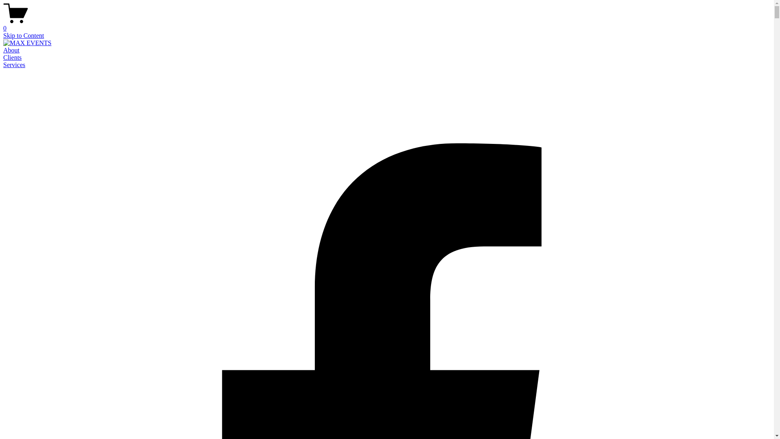 The width and height of the screenshot is (780, 439). I want to click on 'Clients', so click(12, 57).